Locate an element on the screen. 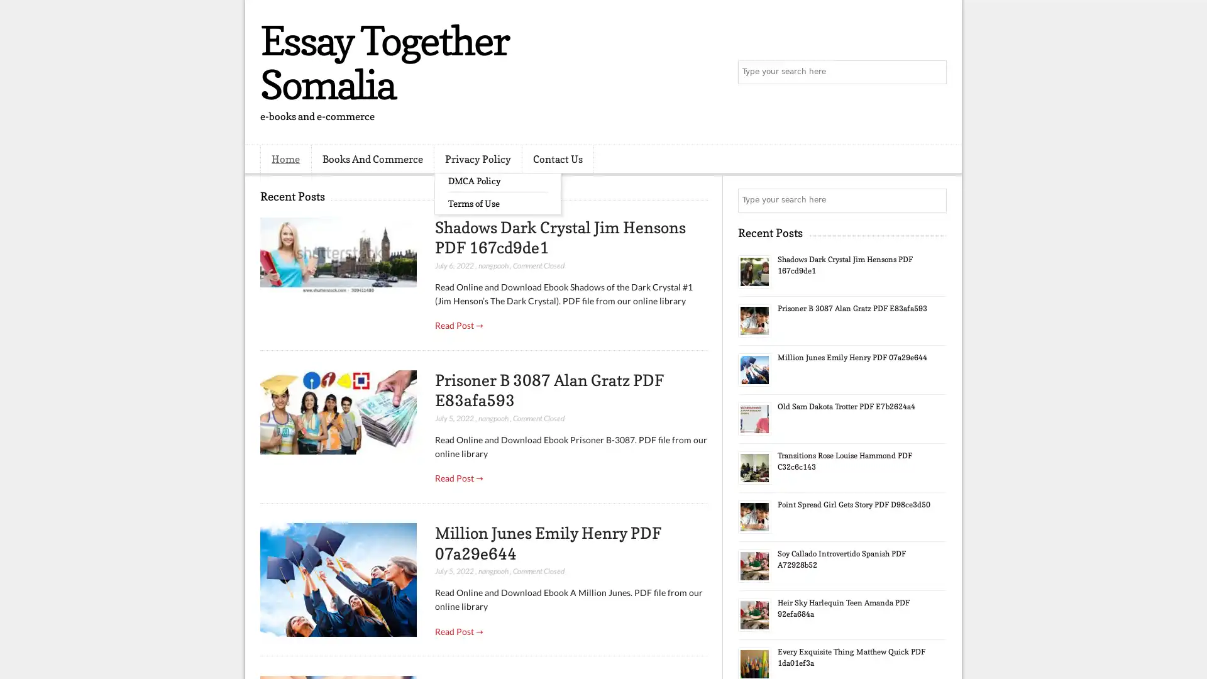  Search is located at coordinates (934, 72).